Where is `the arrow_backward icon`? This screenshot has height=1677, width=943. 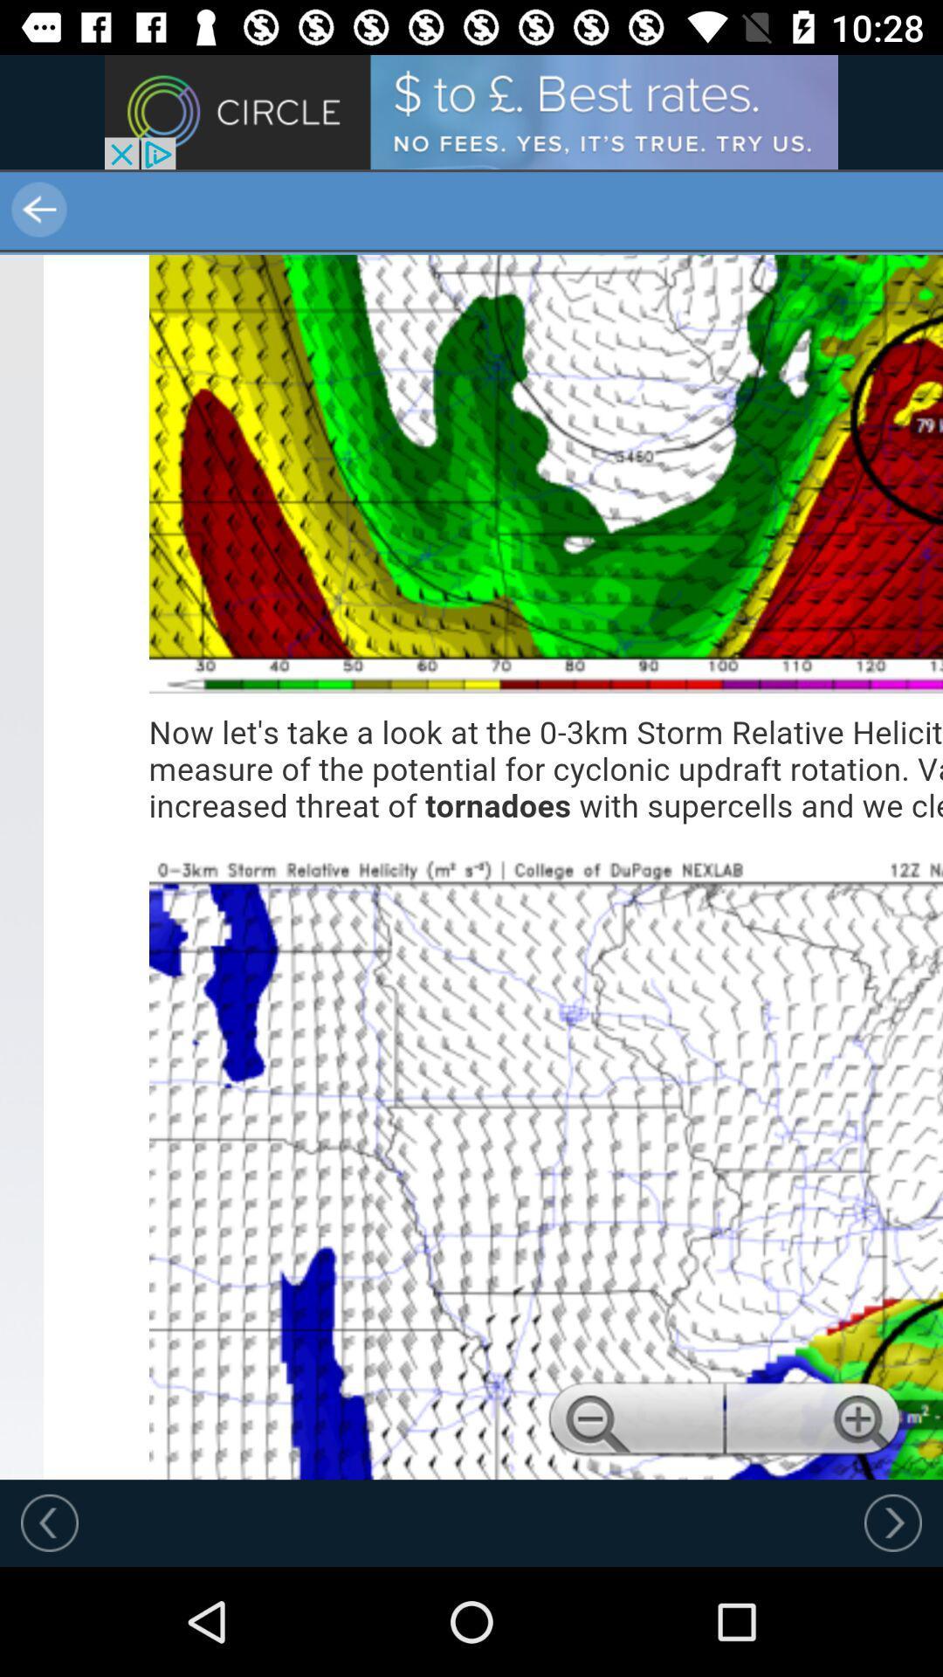
the arrow_backward icon is located at coordinates (114, 210).